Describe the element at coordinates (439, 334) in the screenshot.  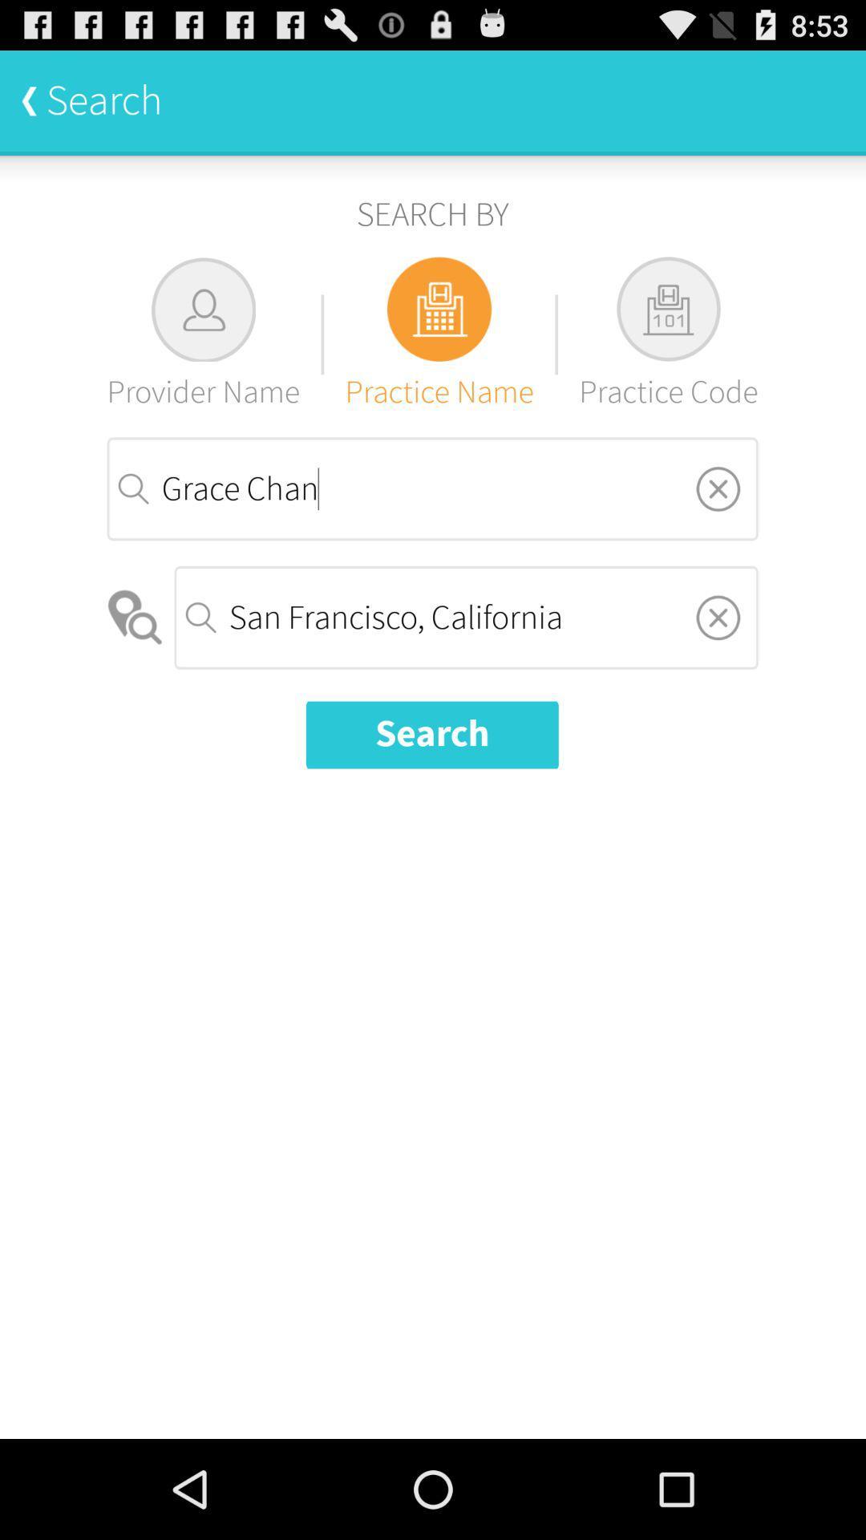
I see `the practice name icon` at that location.